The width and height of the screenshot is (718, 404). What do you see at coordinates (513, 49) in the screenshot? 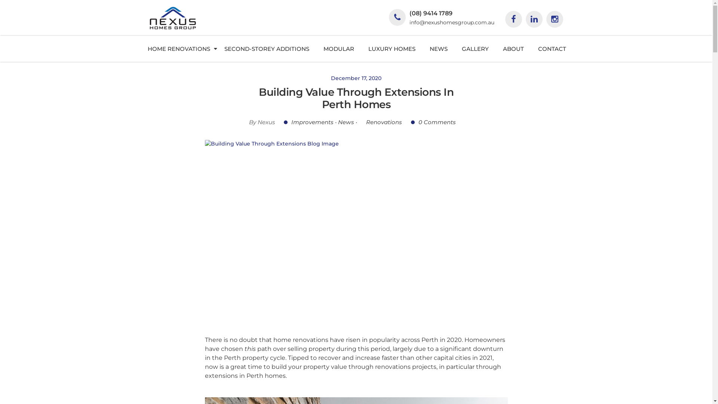
I see `'ABOUT'` at bounding box center [513, 49].